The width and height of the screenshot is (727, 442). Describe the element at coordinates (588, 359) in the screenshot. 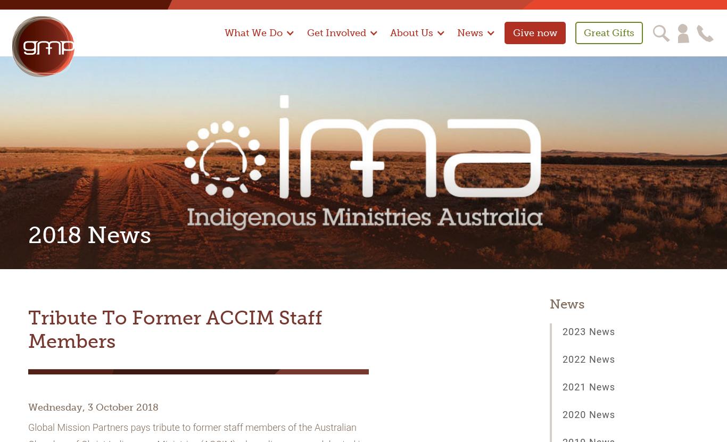

I see `'2022 News'` at that location.